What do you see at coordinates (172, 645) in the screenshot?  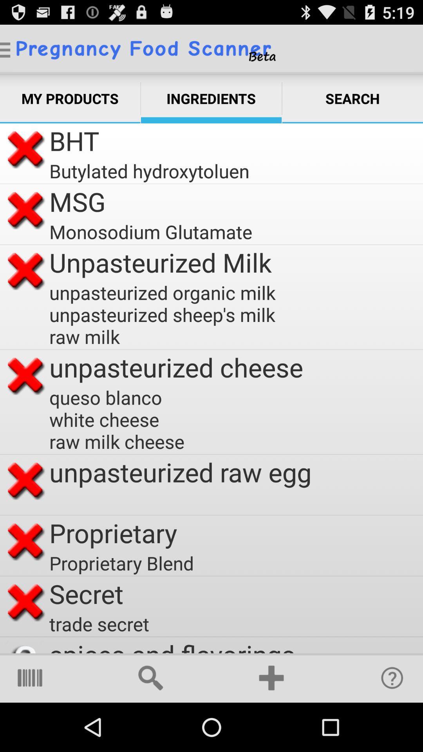 I see `spices and flavorings app` at bounding box center [172, 645].